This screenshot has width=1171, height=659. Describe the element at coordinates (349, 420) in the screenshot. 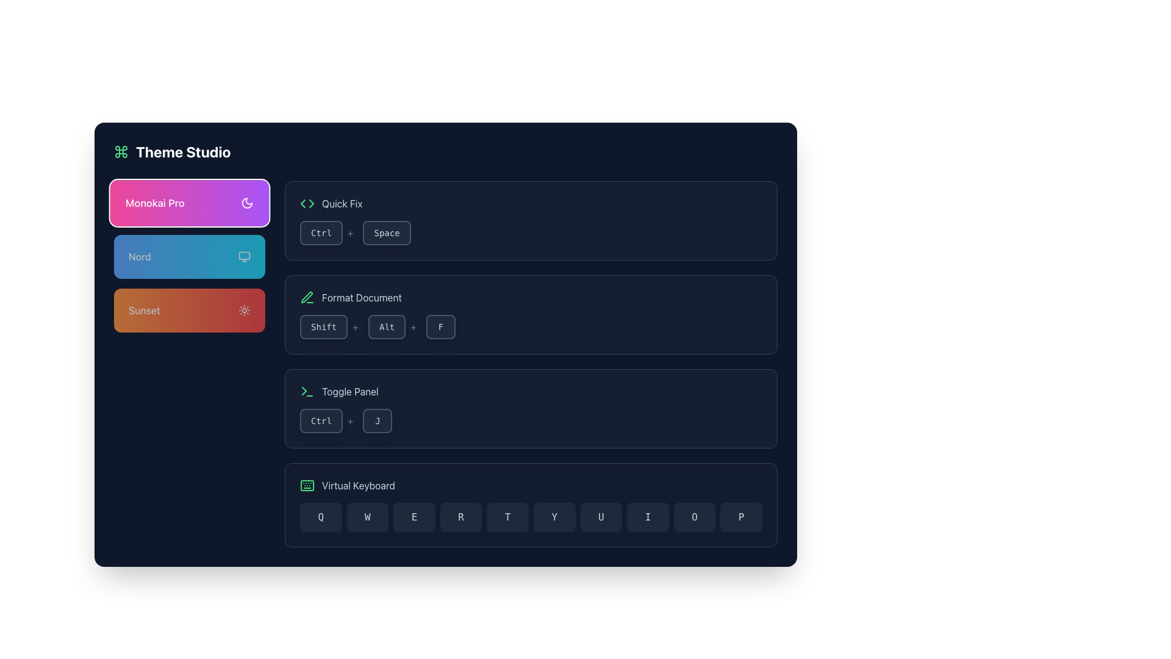

I see `the small grey plus sign ('+') located to the right of the 'Ctrl' button, which is part of the keyboard shortcut group` at that location.